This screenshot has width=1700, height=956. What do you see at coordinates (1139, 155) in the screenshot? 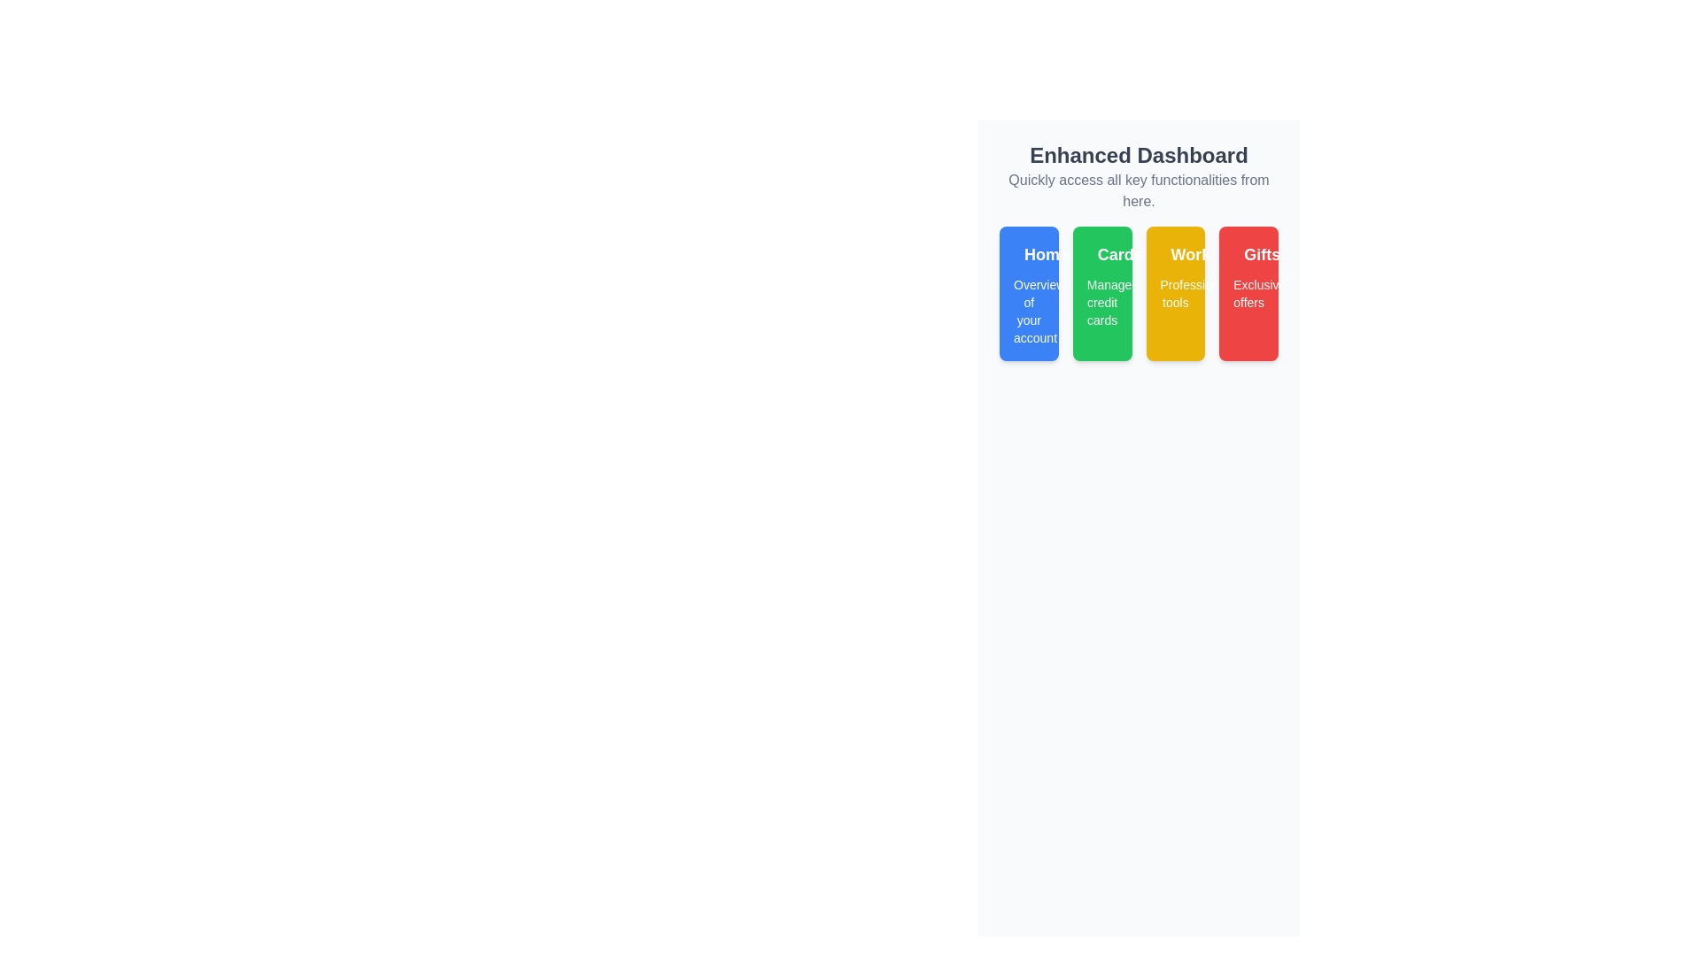
I see `the bold headline element styled in a serif font with dark gray text reading 'Enhanced Dashboard', positioned at the top of the right section of the interface` at bounding box center [1139, 155].